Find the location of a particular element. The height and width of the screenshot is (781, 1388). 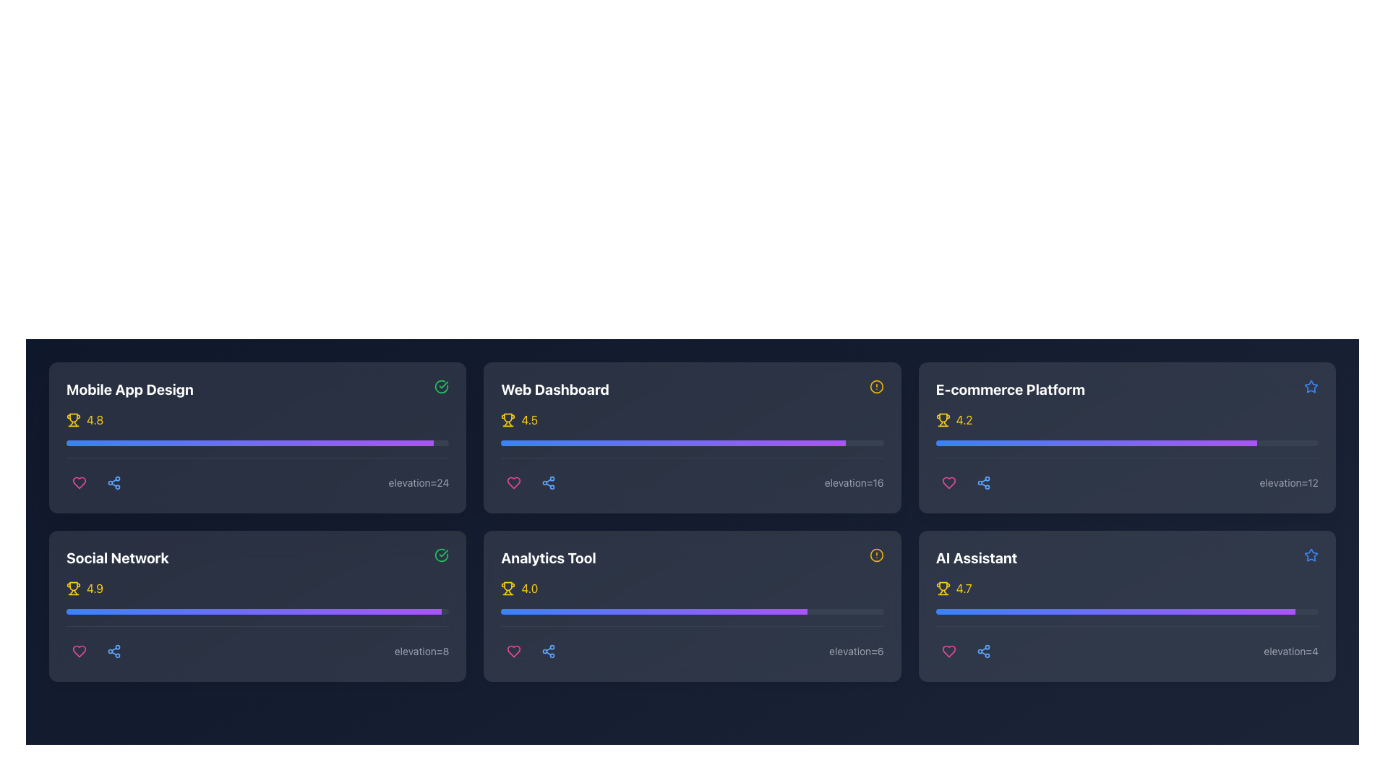

the first Card component in the grid layout, which features the title 'Mobile App Design', a trophy icon with a rating of '4.8', and various interactive icons at the bottom is located at coordinates (257, 437).